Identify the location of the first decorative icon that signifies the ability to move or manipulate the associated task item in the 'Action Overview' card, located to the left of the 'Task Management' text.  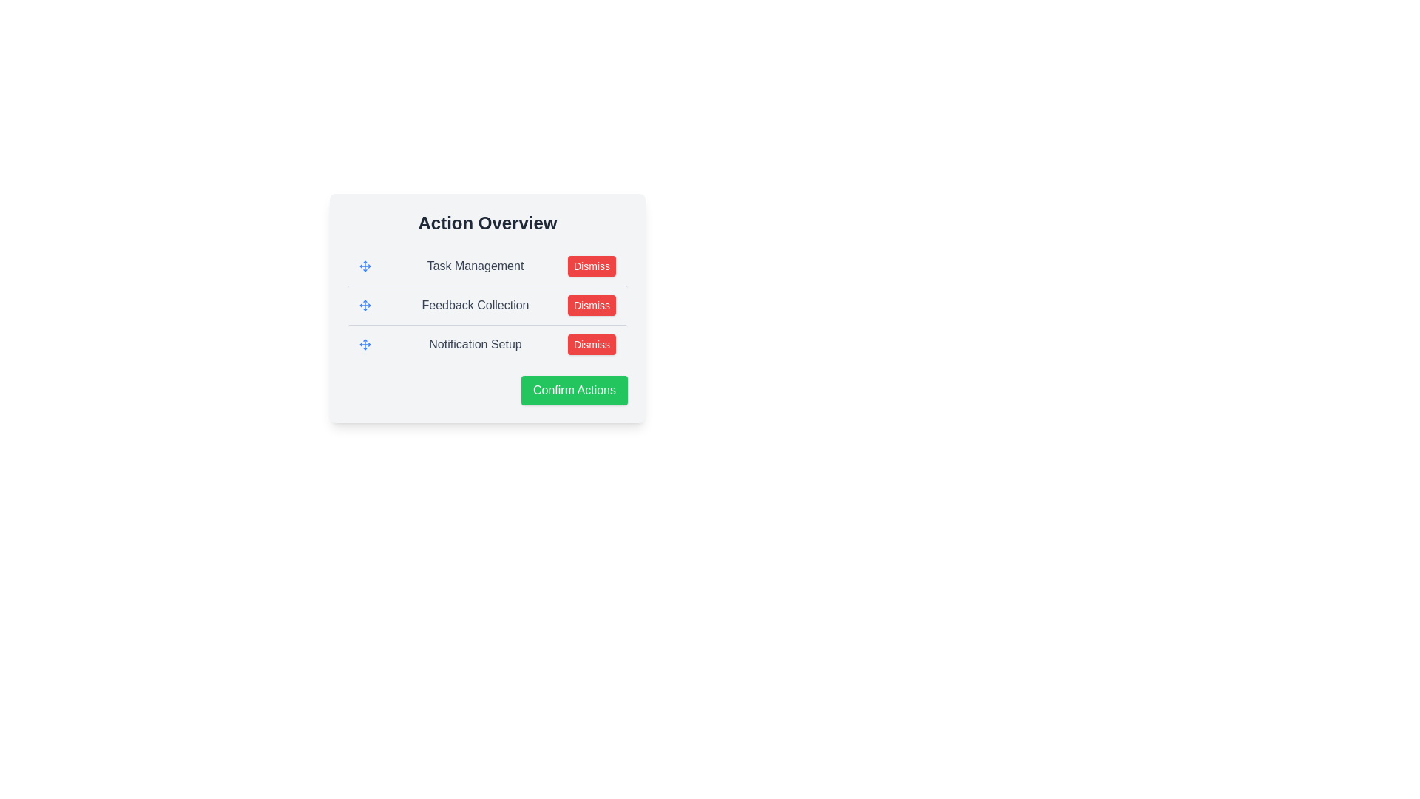
(365, 265).